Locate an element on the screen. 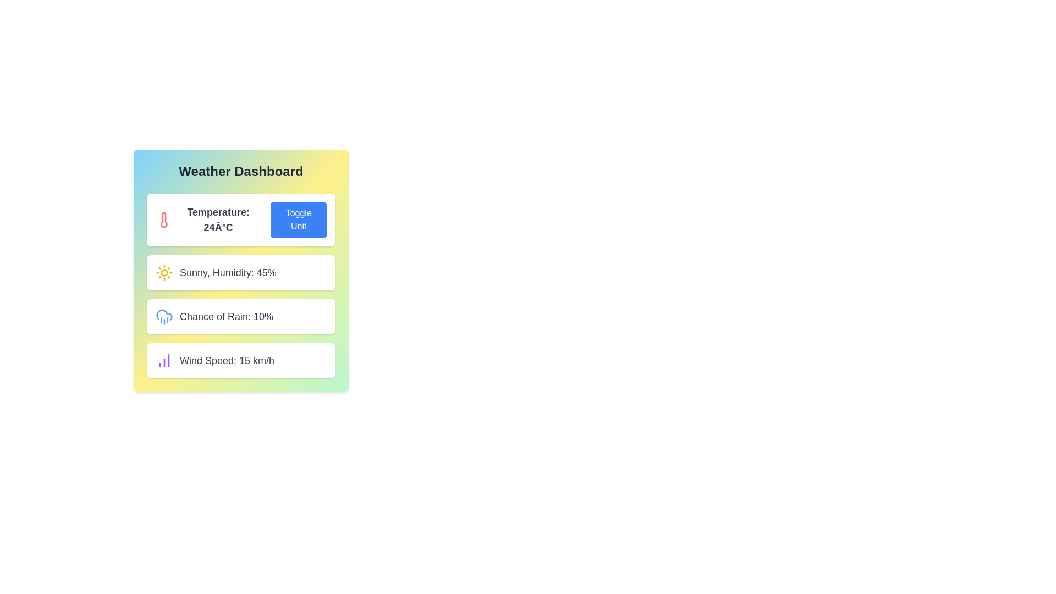 This screenshot has width=1056, height=594. the sunny weather icon located to the left of the text 'Sunny, Humidity: 45%' in the weather dashboard is located at coordinates (163, 272).